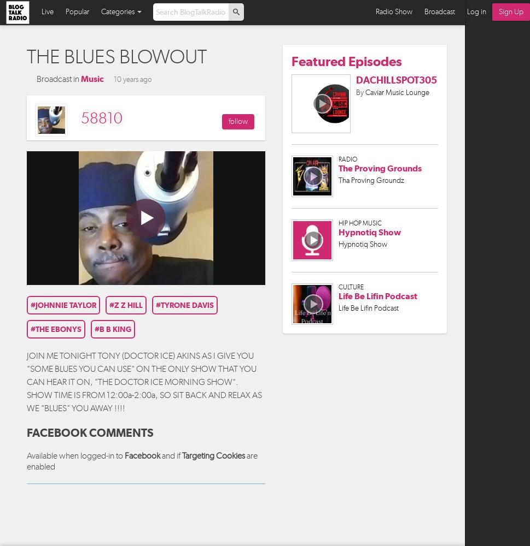  What do you see at coordinates (379, 168) in the screenshot?
I see `'The Proving Grounds'` at bounding box center [379, 168].